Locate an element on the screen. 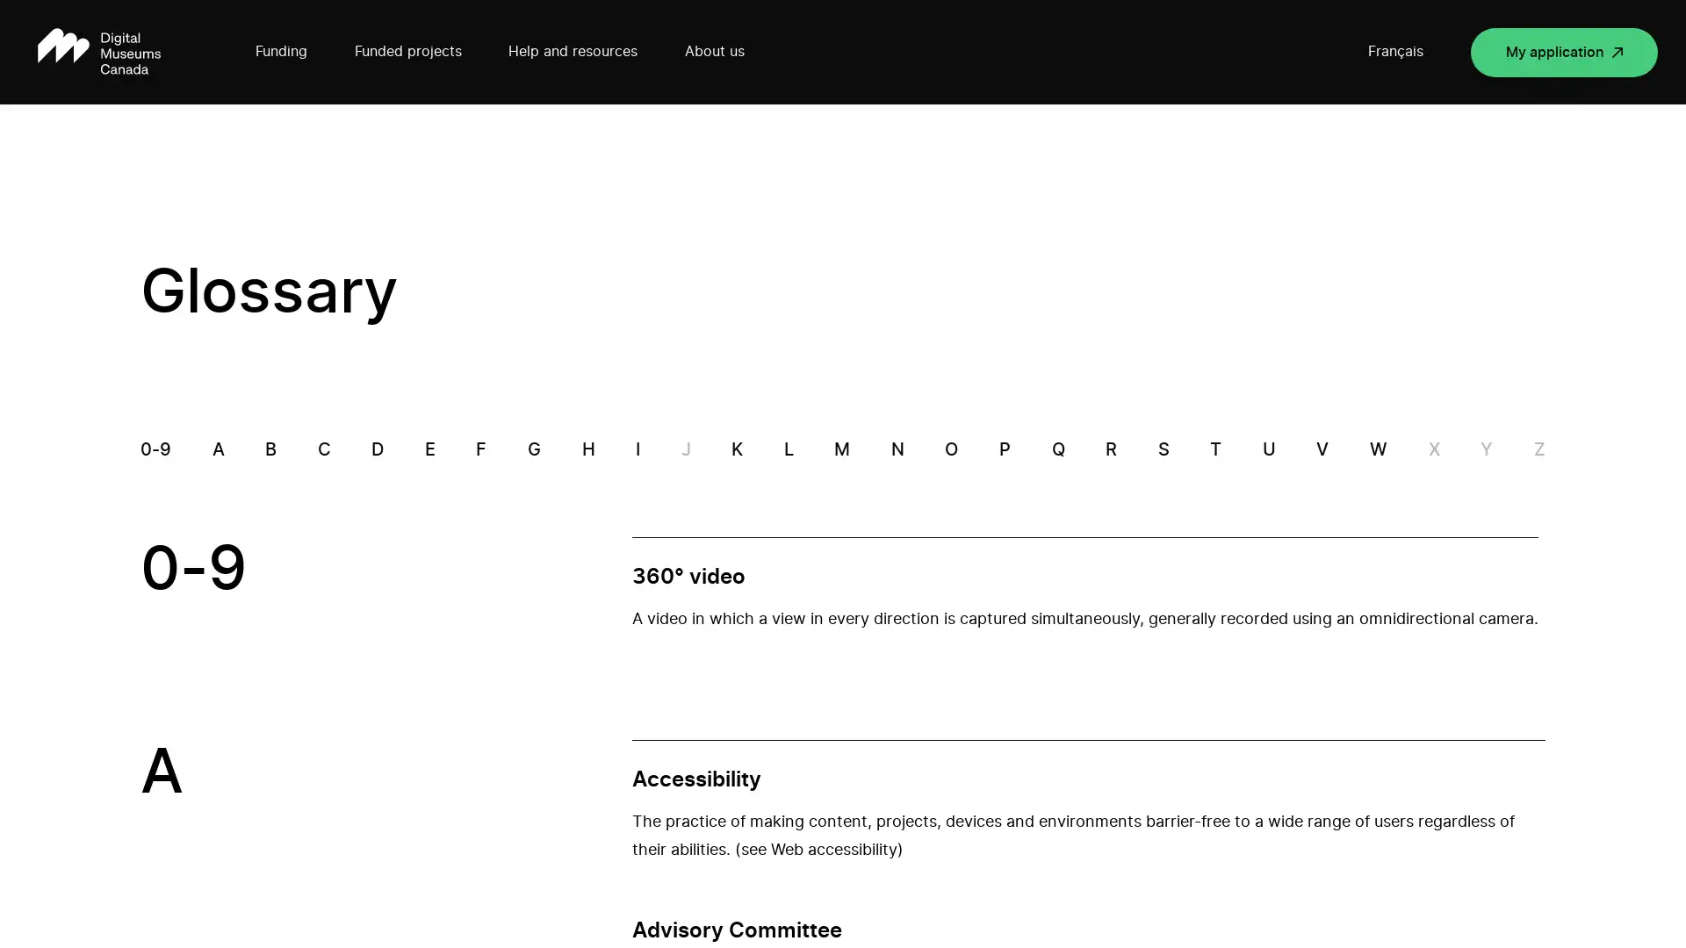 This screenshot has height=948, width=1686. R is located at coordinates (1110, 449).